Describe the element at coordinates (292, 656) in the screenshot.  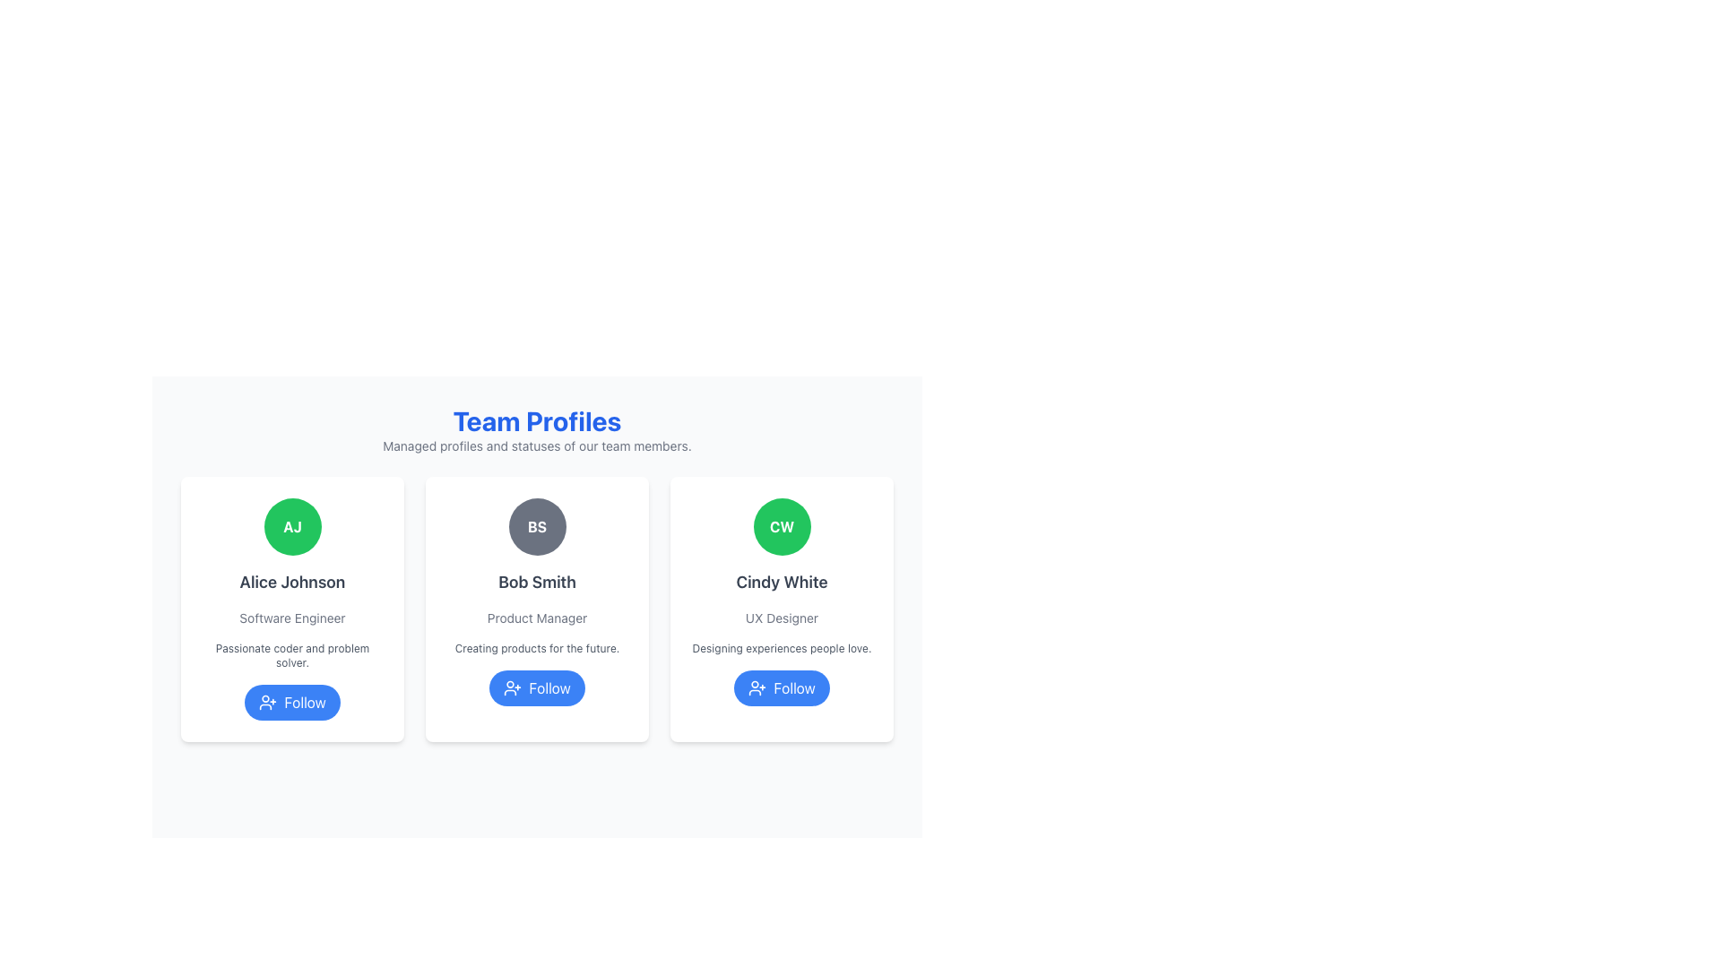
I see `the text line displaying 'Passionate coder and problem solver.' within Alice Johnson's profile card, which is positioned below the job title 'Software Engineer' and above the 'Follow' button` at that location.